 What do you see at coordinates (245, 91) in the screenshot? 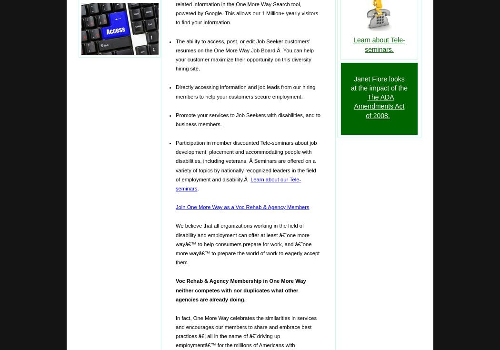
I see `'Directly accessing information and job leads from our hiring       members to help your customers secure employment.'` at bounding box center [245, 91].